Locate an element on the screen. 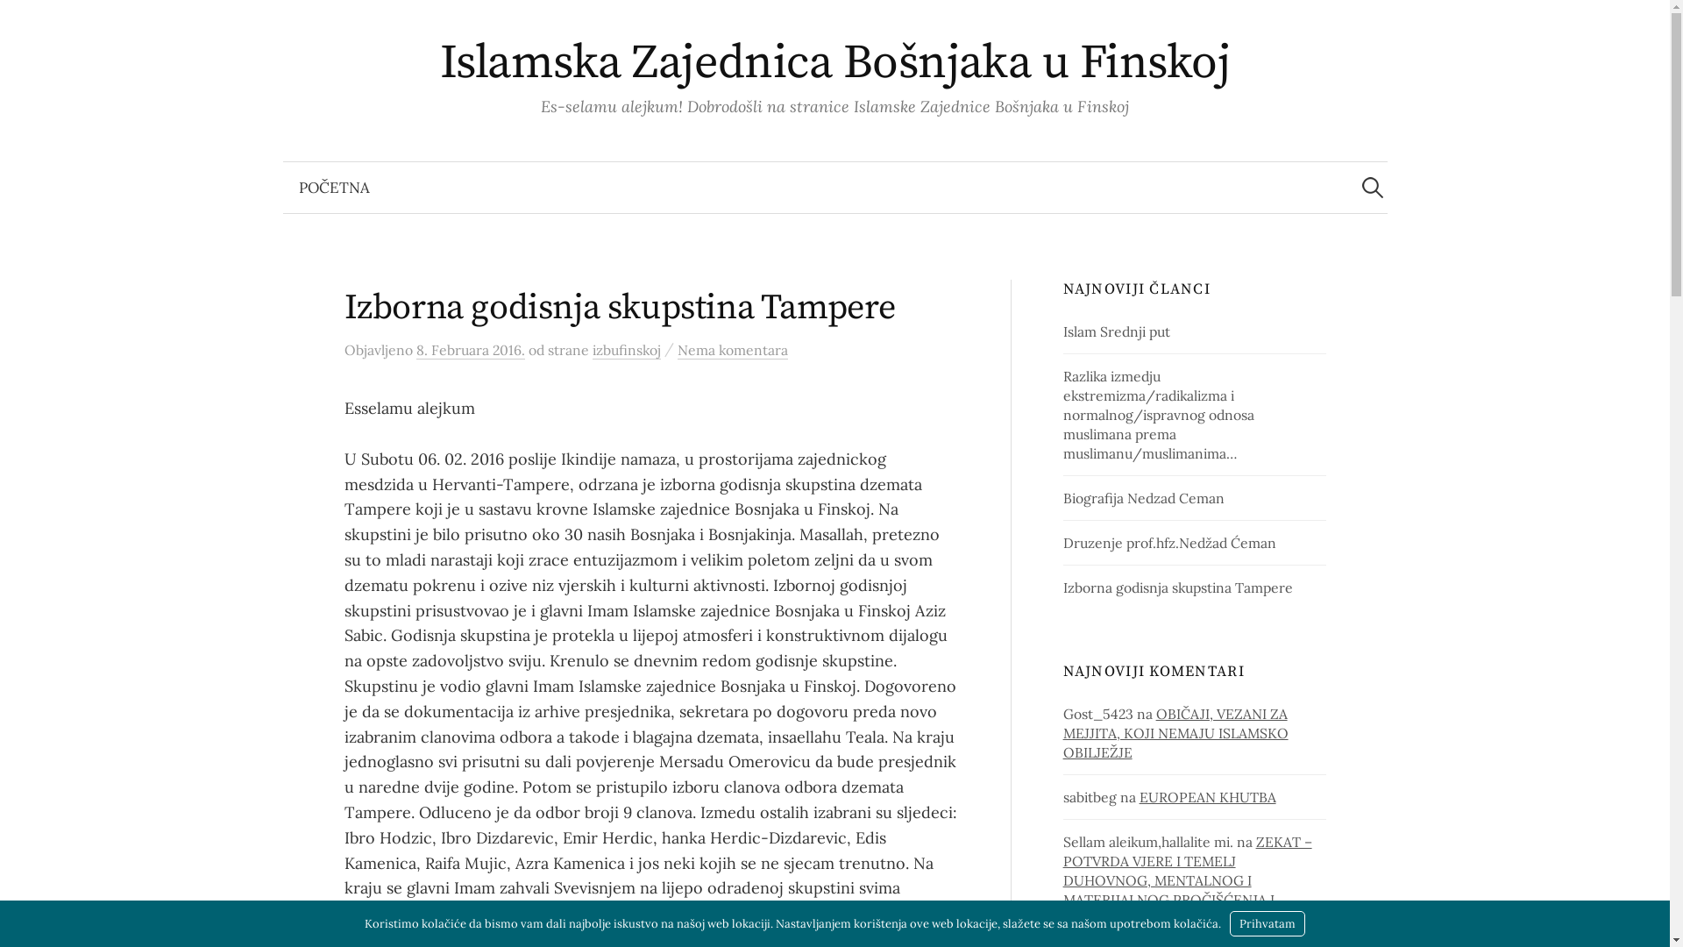 The height and width of the screenshot is (947, 1683). '8. Februara 2016.' is located at coordinates (470, 350).